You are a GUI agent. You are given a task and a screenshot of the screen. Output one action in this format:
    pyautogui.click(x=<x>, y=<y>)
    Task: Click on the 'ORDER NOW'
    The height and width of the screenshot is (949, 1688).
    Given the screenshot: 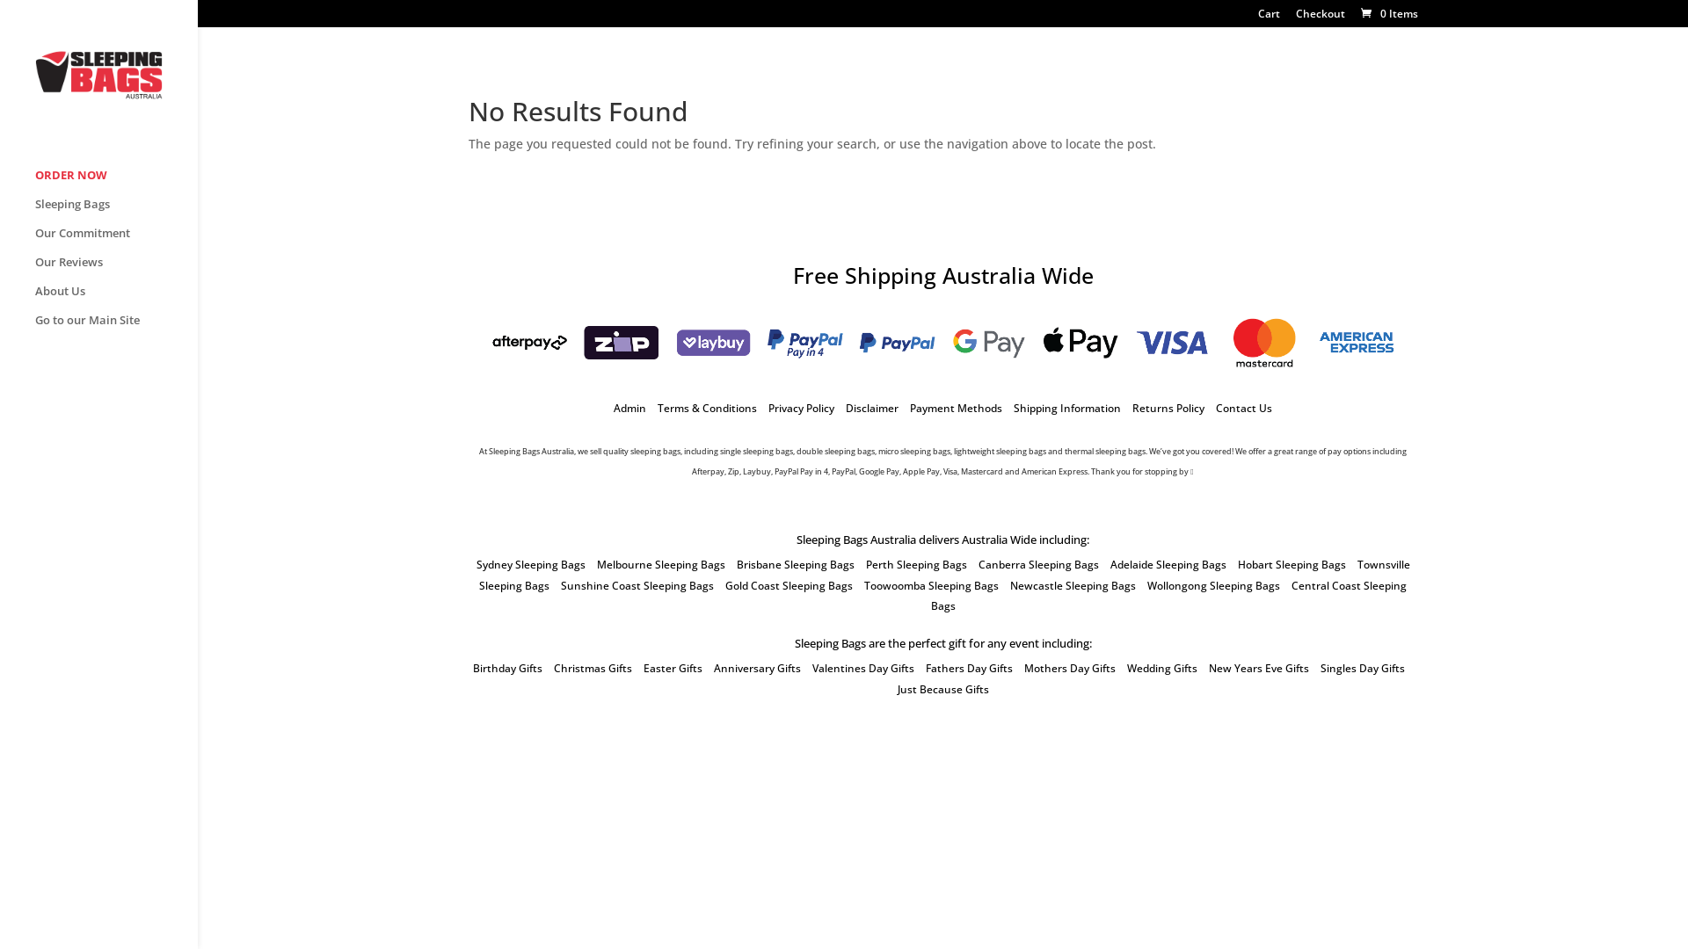 What is the action you would take?
    pyautogui.click(x=115, y=183)
    